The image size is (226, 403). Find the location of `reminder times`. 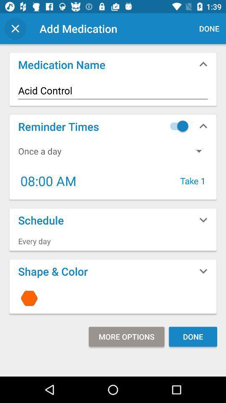

reminder times is located at coordinates (177, 126).